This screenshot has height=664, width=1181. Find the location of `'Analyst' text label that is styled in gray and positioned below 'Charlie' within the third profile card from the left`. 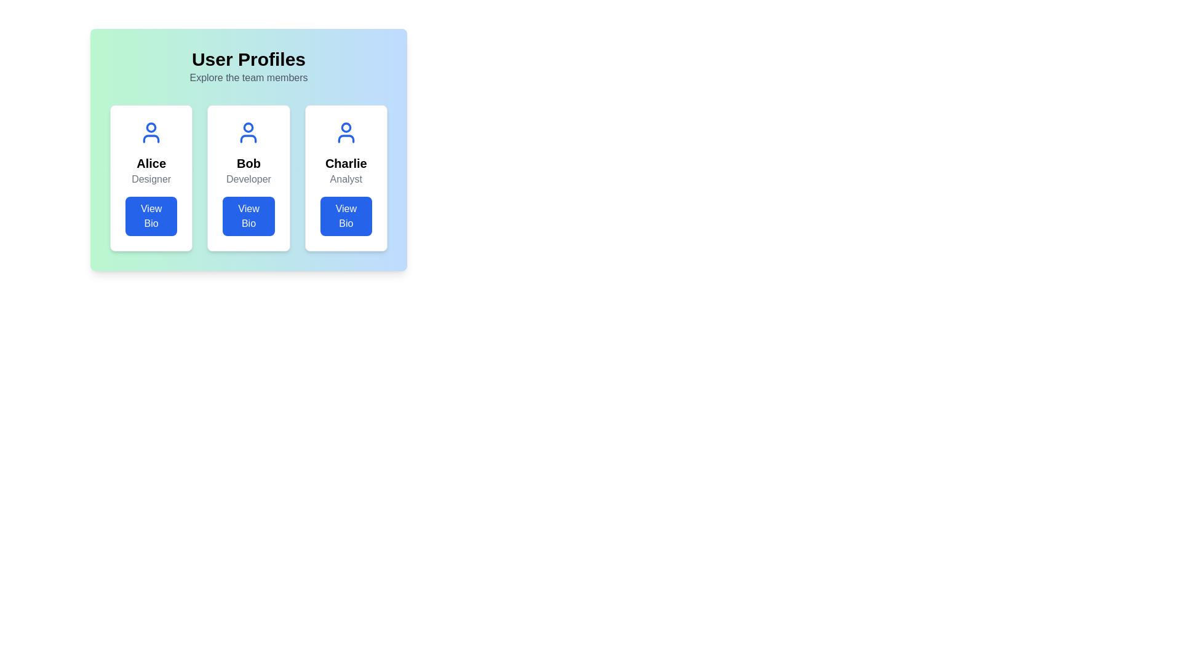

'Analyst' text label that is styled in gray and positioned below 'Charlie' within the third profile card from the left is located at coordinates (345, 180).